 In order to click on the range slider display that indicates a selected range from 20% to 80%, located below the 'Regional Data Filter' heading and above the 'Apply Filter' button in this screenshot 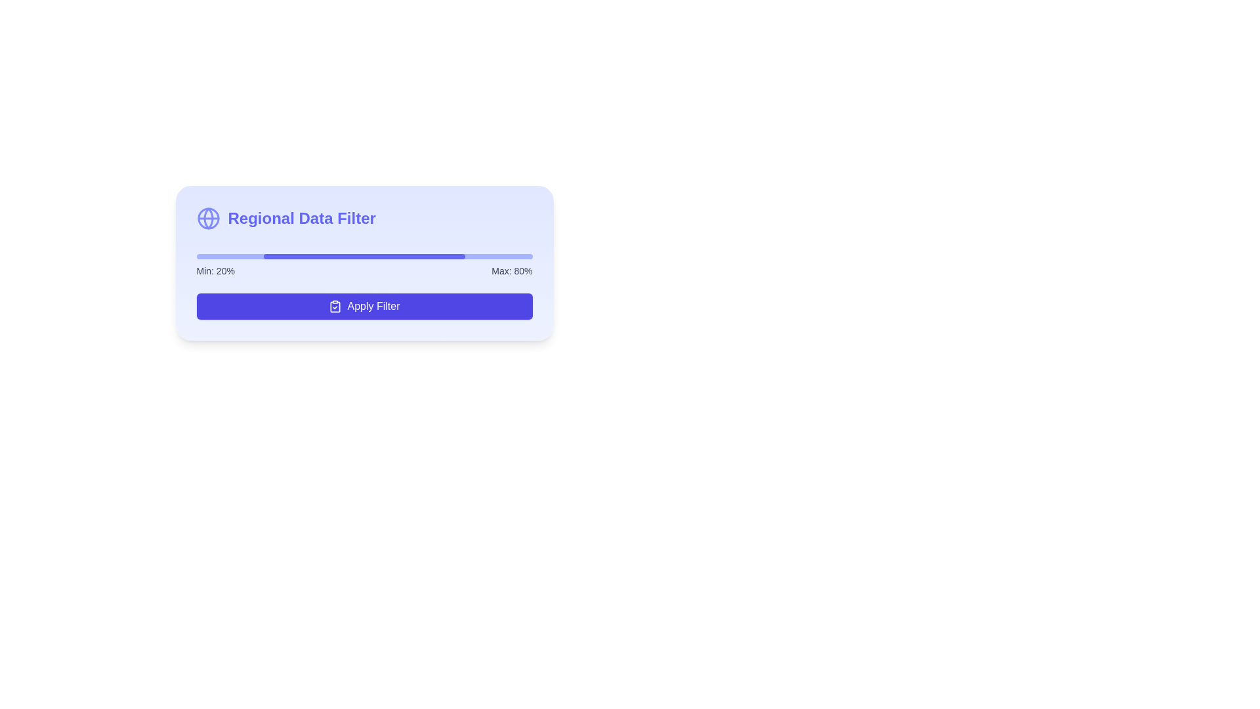, I will do `click(364, 261)`.